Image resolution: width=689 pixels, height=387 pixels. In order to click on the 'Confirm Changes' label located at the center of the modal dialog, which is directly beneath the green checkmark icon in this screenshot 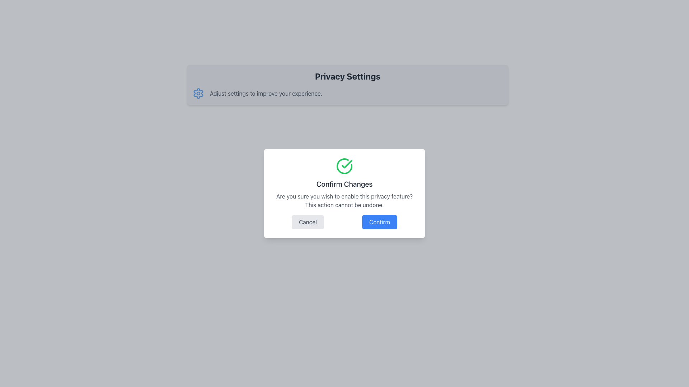, I will do `click(344, 183)`.